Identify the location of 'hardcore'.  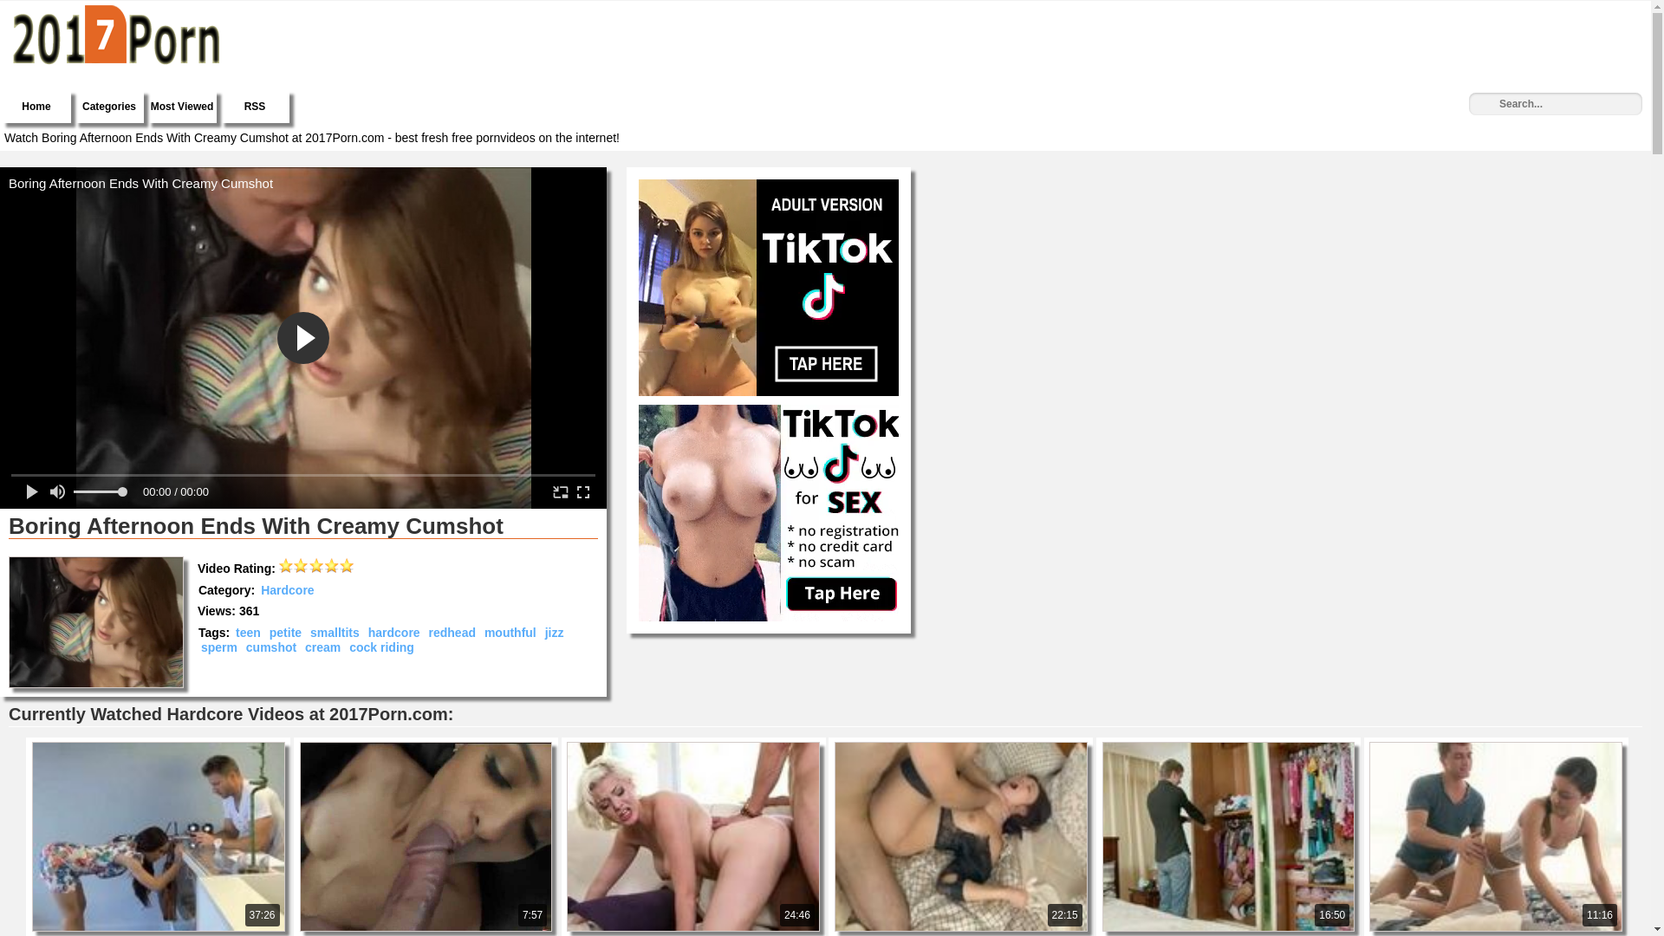
(393, 632).